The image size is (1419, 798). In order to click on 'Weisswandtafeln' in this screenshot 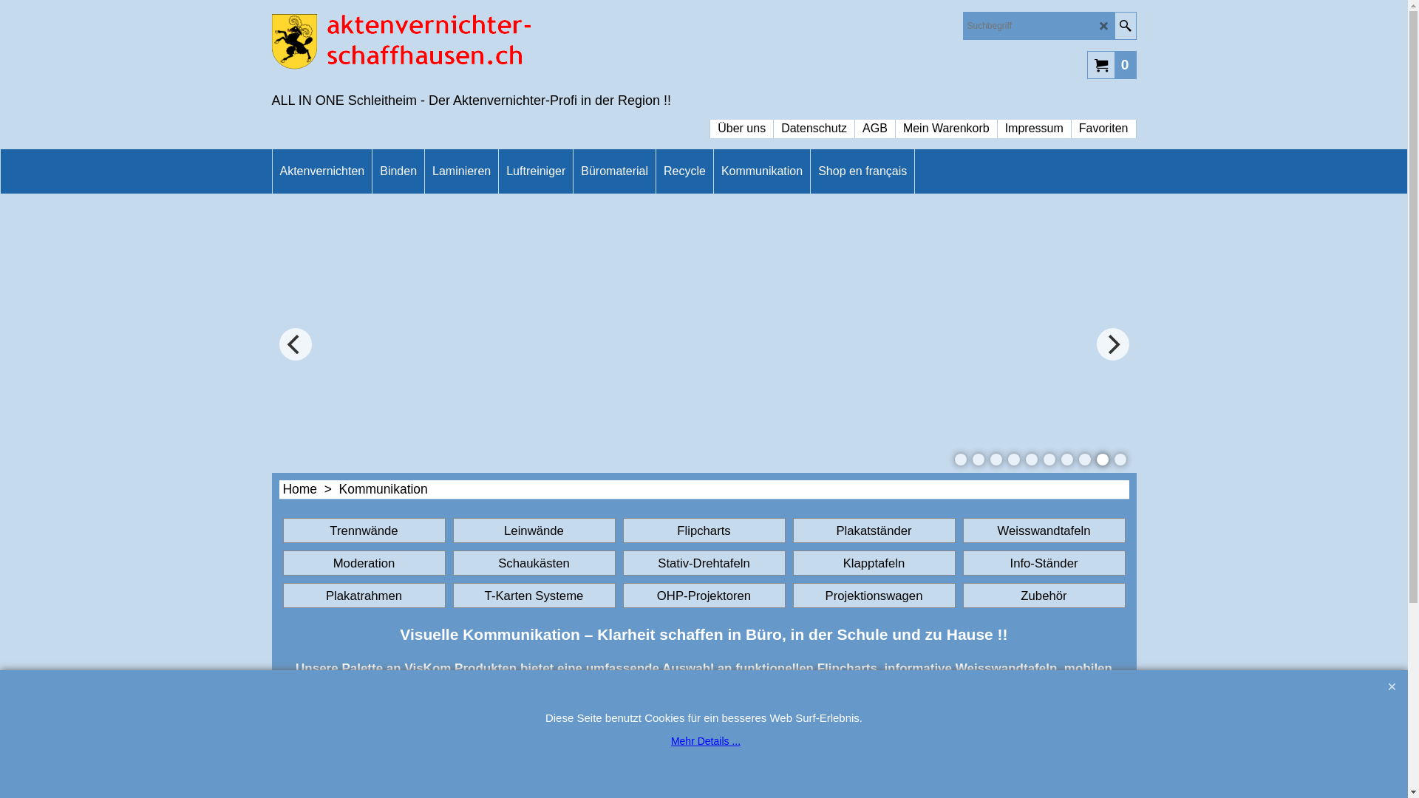, I will do `click(1042, 529)`.